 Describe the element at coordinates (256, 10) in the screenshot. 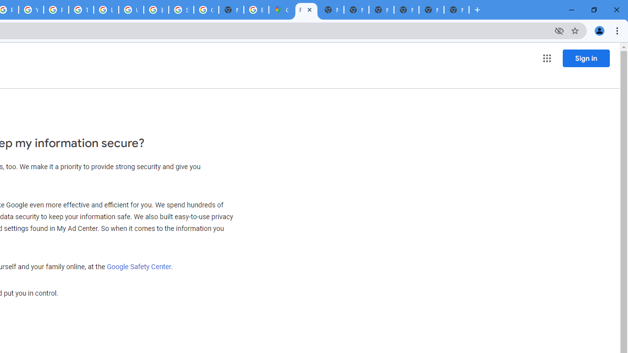

I see `'Explore new street-level details - Google Maps Help'` at that location.